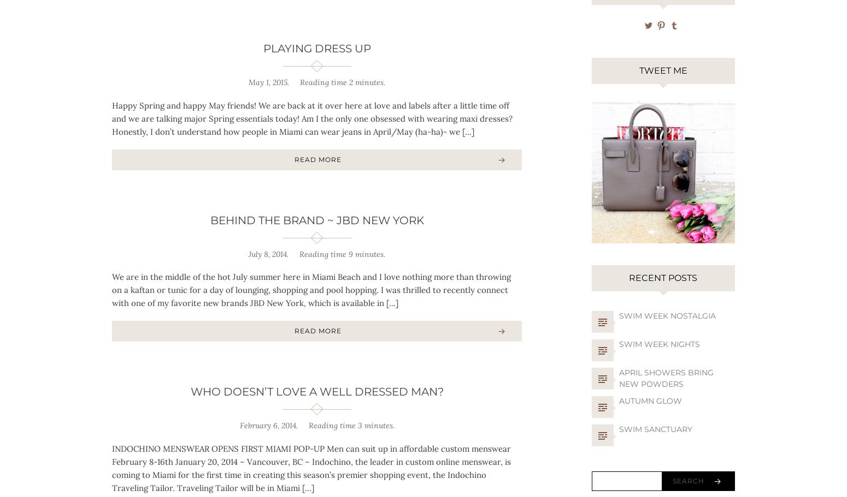  I want to click on 'February 6, 2014', so click(267, 425).